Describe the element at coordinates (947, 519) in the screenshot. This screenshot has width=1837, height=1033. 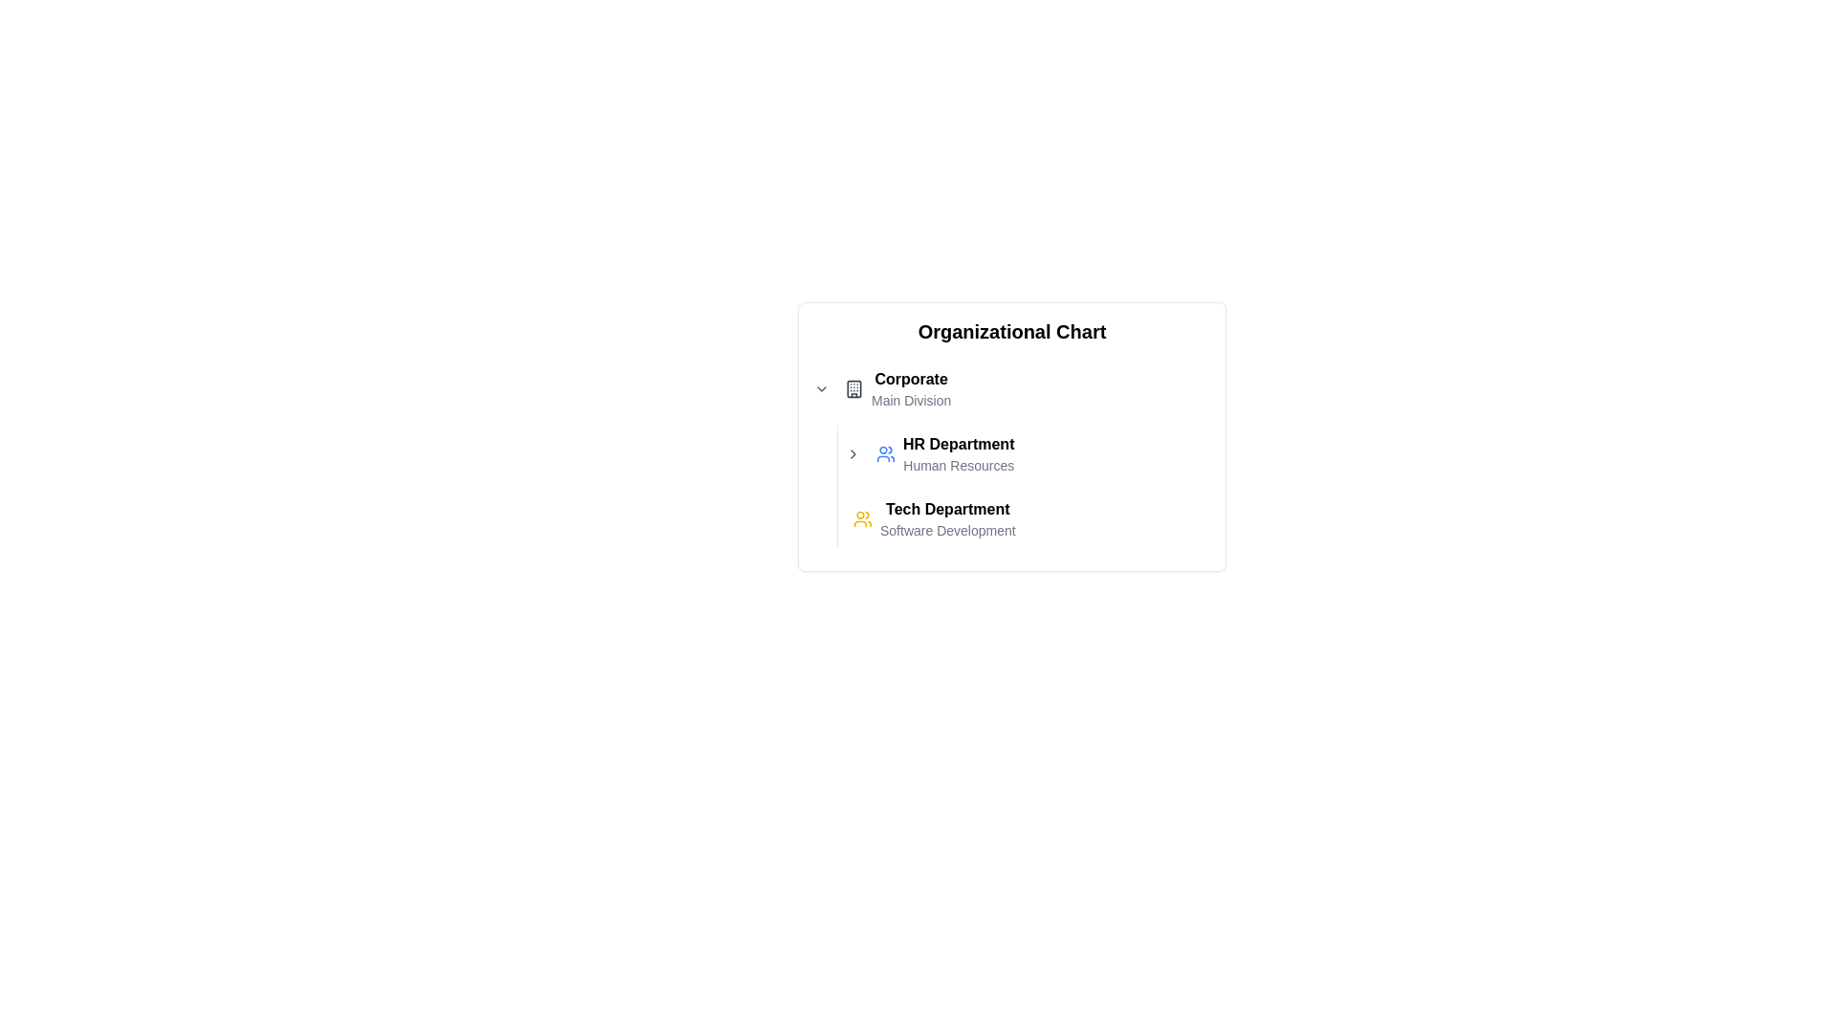
I see `text displayed in the Label for the Tech Department, which includes its subtitle about Software Development, located under the HR Department in the organizational chart` at that location.